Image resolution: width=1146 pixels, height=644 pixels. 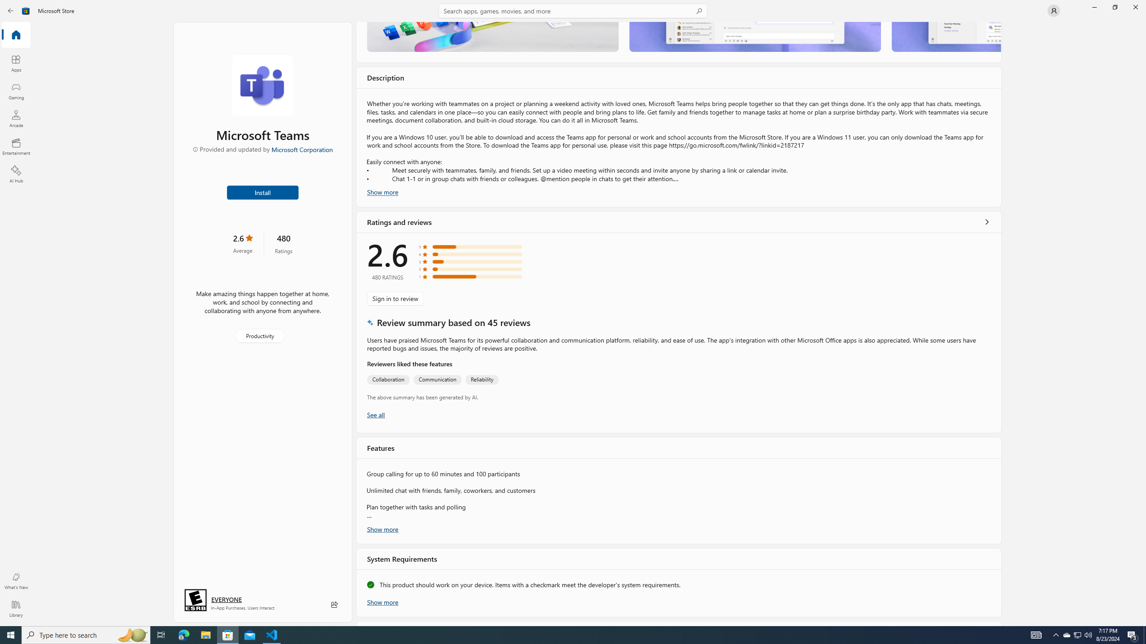 I want to click on 'Search', so click(x=573, y=10).